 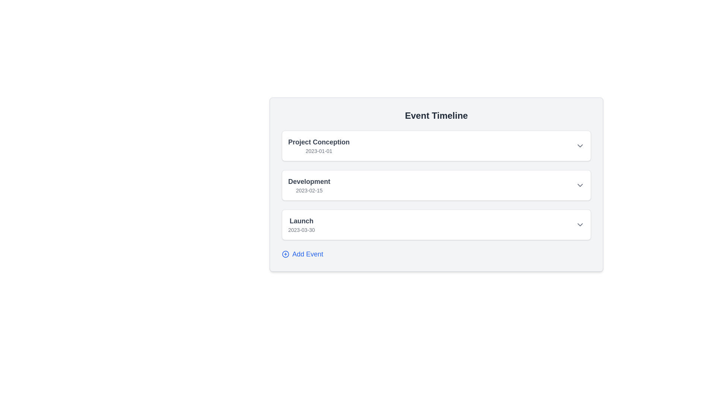 I want to click on the Text Label that serves as the title for the second timeline entry under the 'Event Timeline' section, so click(x=309, y=182).